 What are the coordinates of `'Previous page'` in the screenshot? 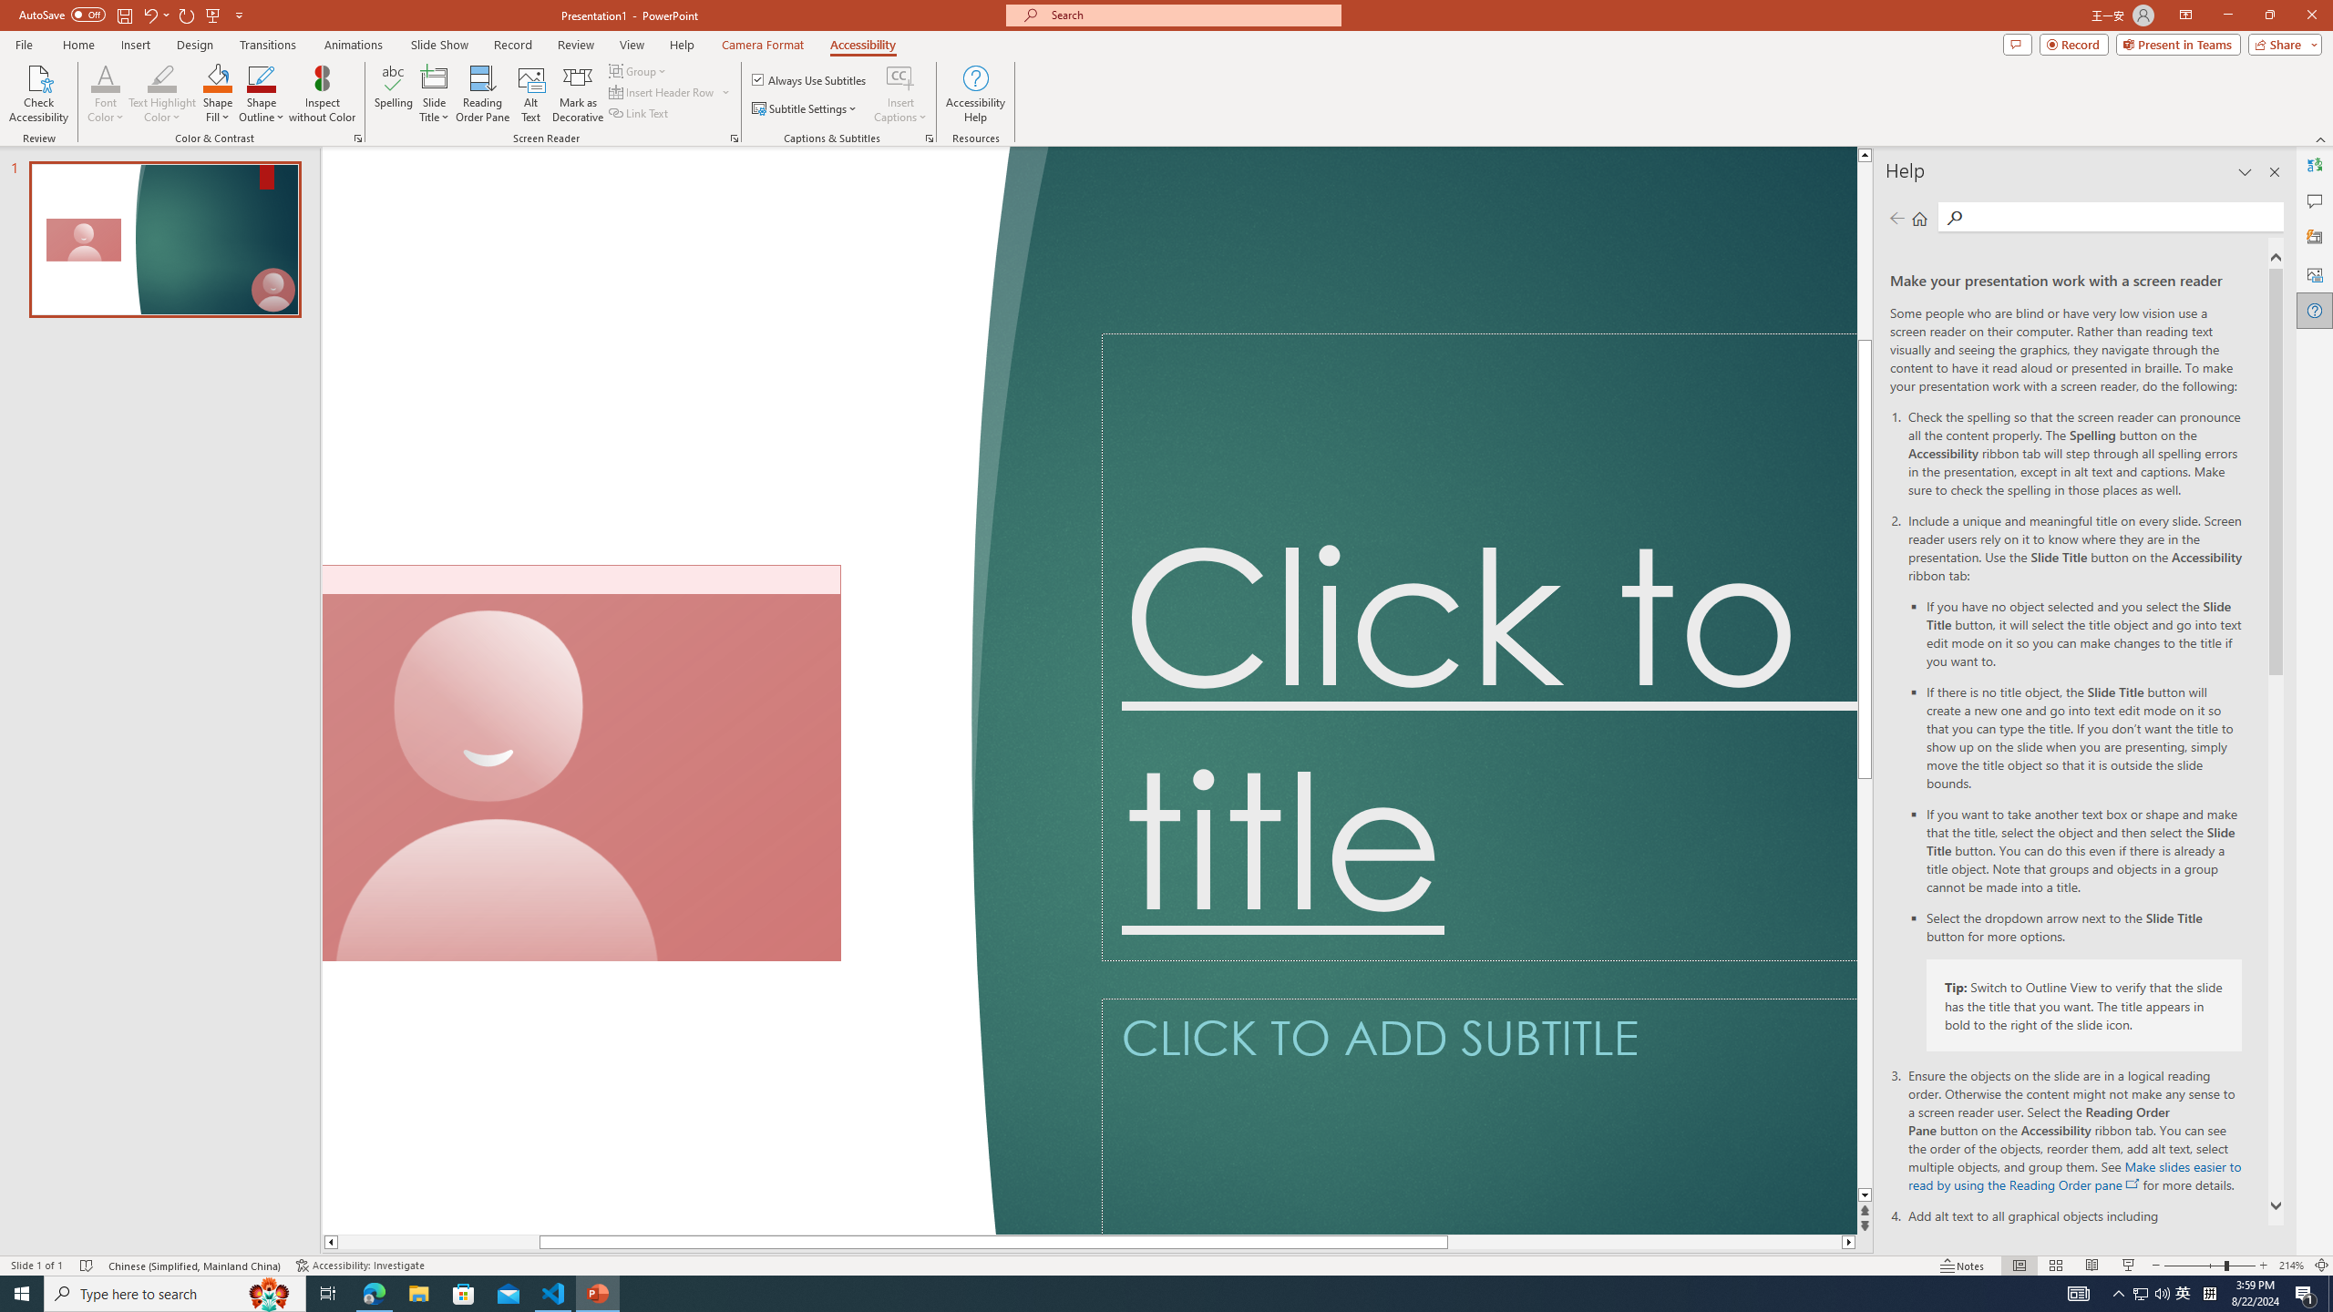 It's located at (1896, 217).